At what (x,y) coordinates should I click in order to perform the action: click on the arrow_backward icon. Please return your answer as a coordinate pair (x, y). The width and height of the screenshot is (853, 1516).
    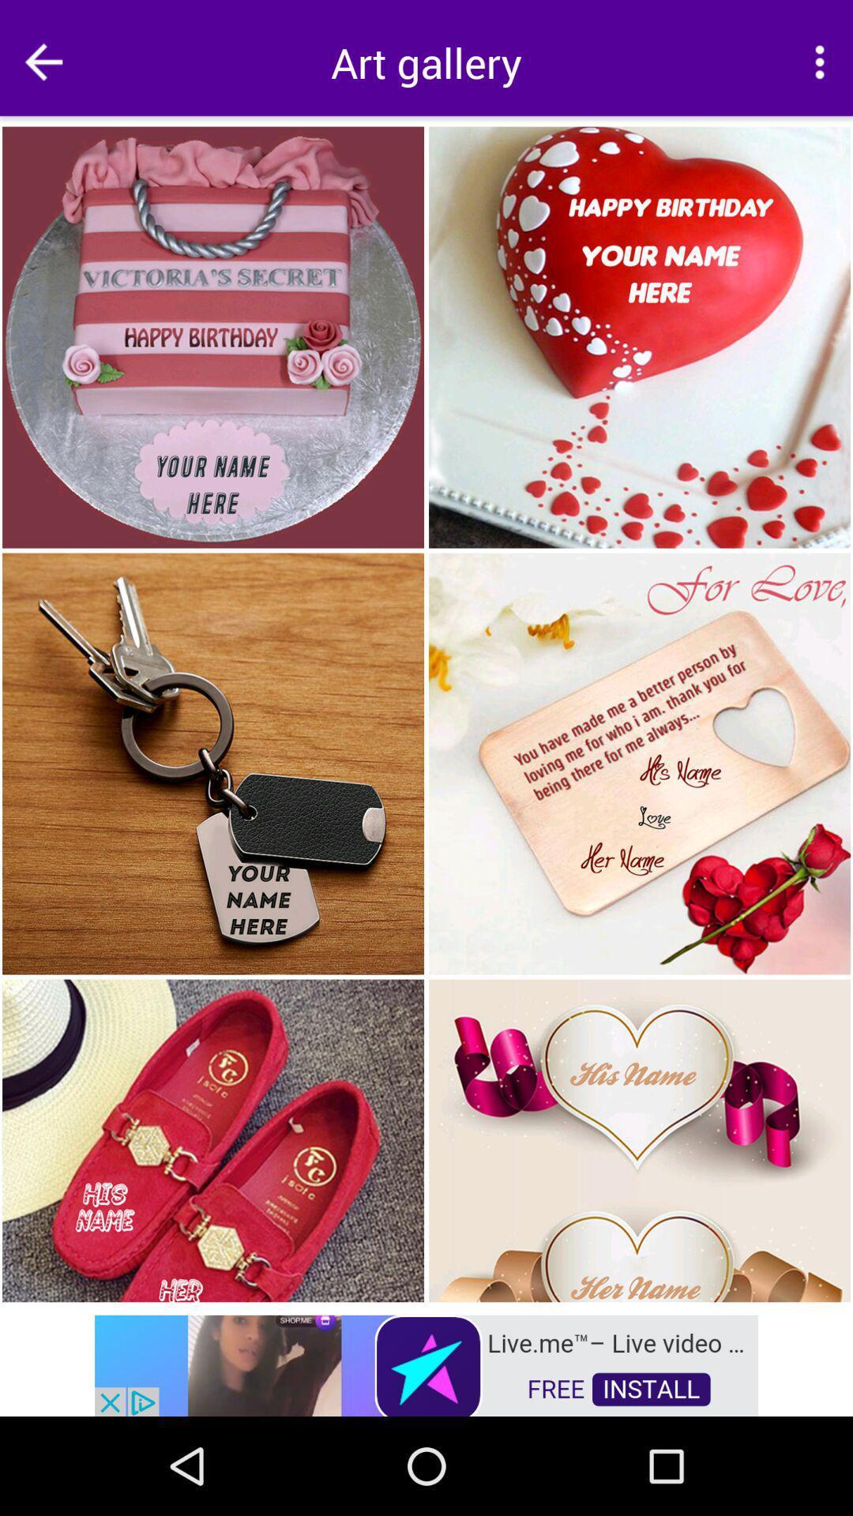
    Looking at the image, I should click on (43, 66).